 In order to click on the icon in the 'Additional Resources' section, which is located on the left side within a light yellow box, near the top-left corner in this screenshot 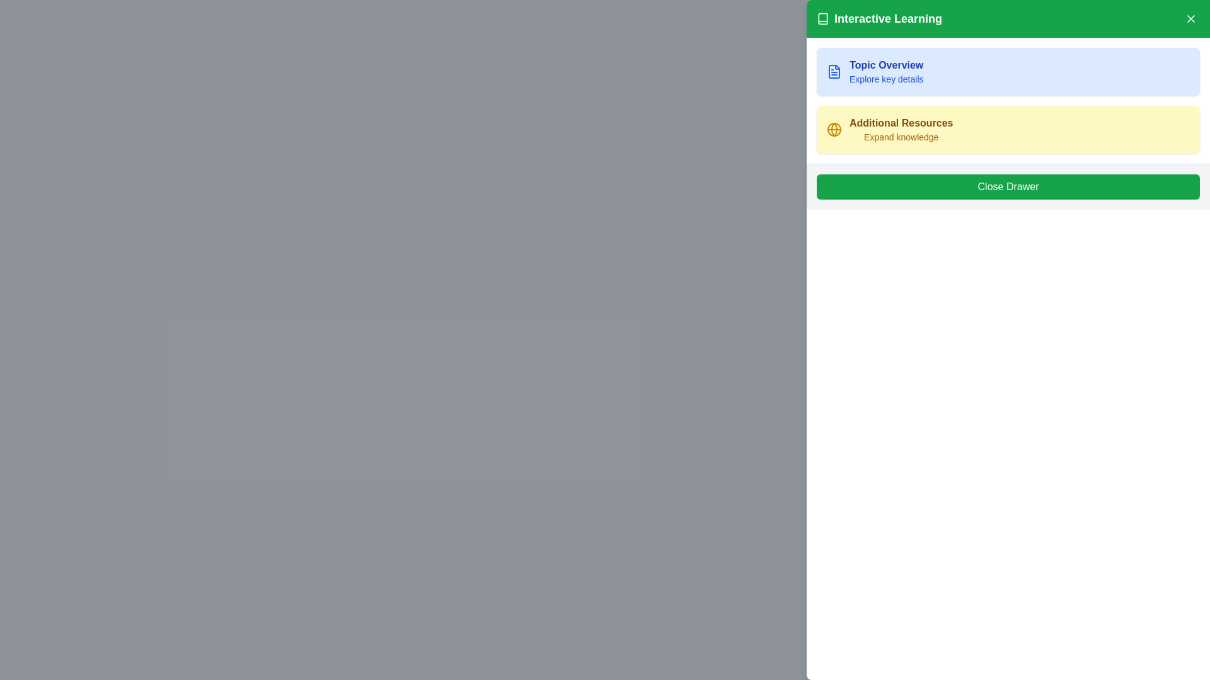, I will do `click(834, 129)`.